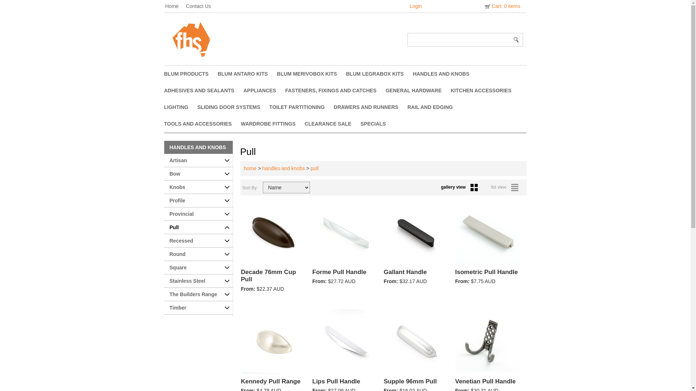 This screenshot has width=696, height=391. Describe the element at coordinates (163, 268) in the screenshot. I see `'Square'` at that location.